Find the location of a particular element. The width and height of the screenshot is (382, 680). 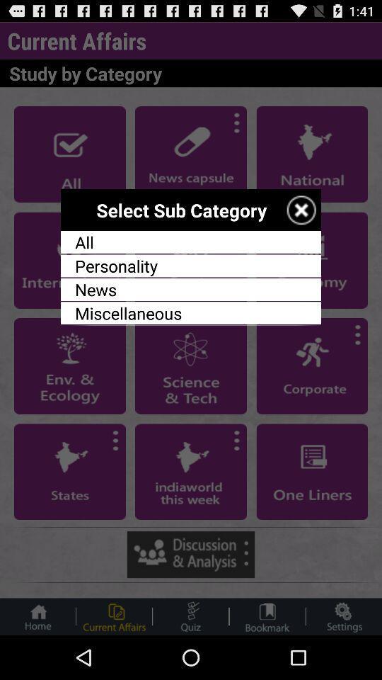

the app below all item is located at coordinates (191, 265).